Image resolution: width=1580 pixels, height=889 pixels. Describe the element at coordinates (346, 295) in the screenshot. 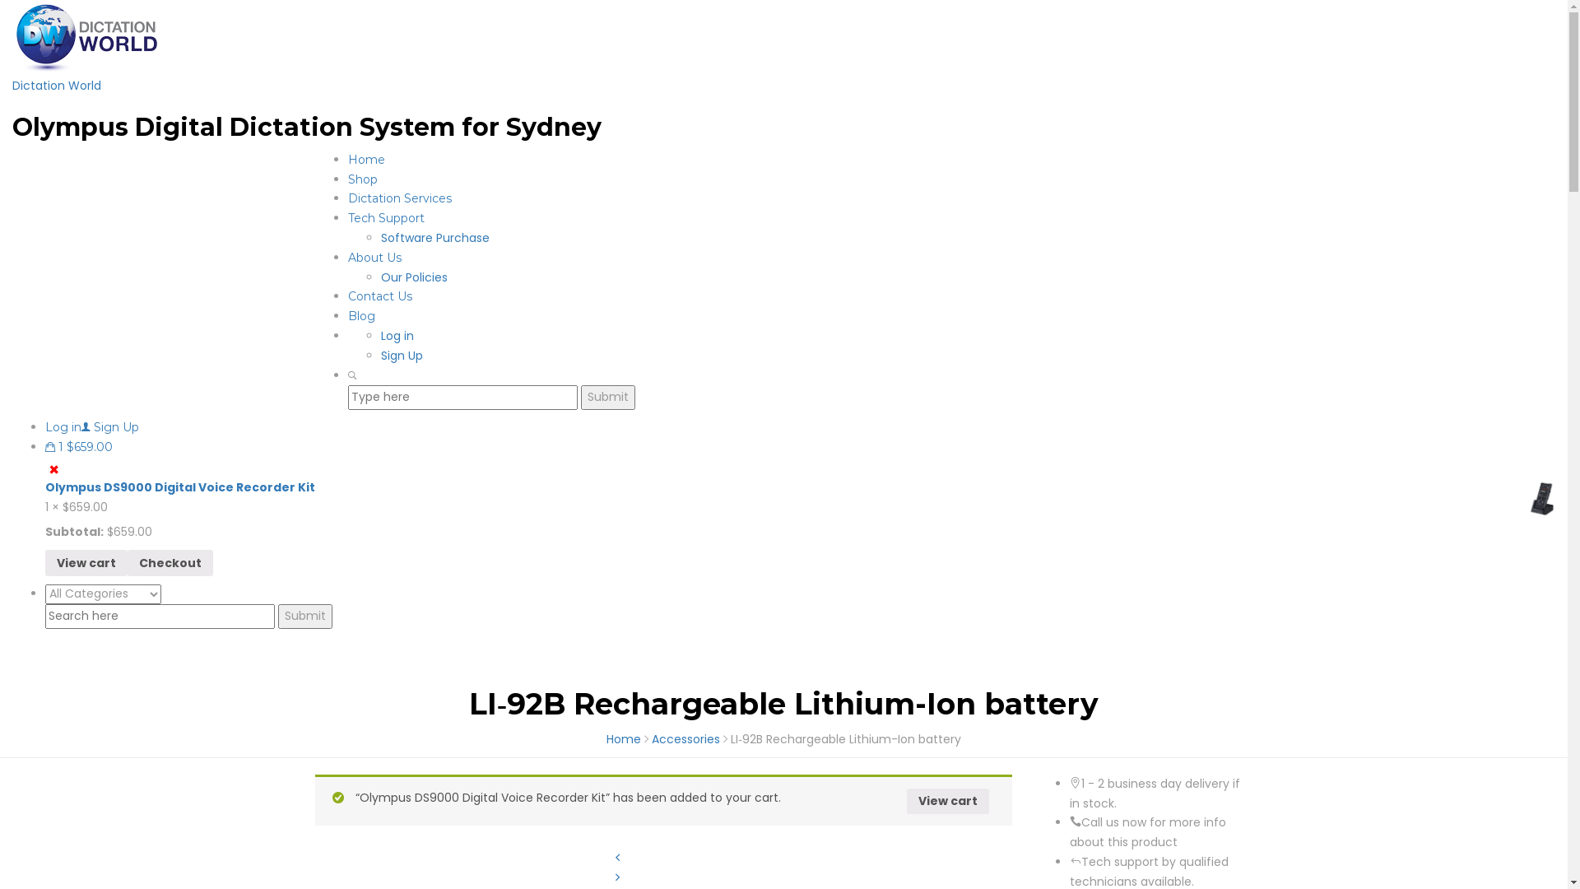

I see `'Contact Us'` at that location.